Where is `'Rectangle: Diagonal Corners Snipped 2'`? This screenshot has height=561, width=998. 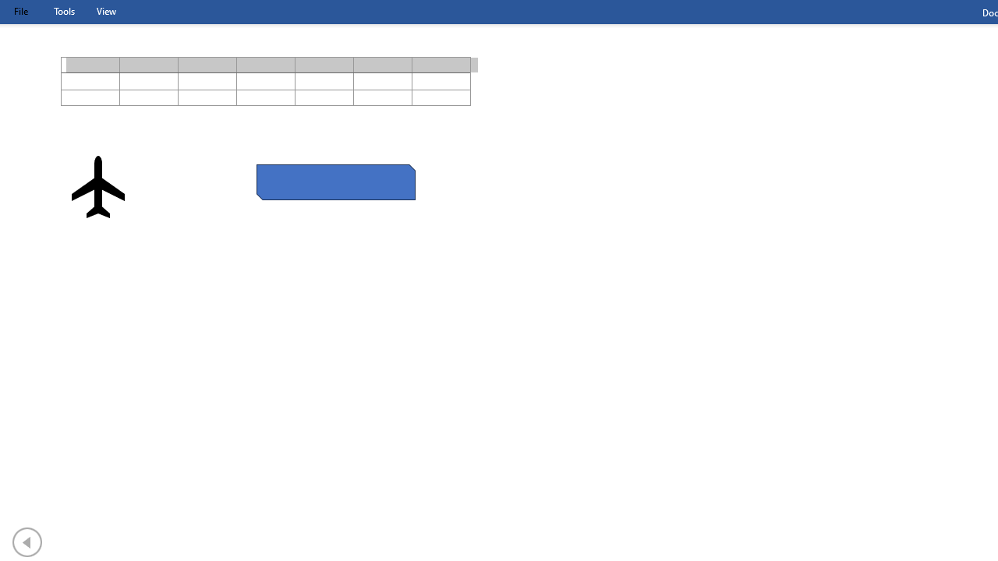
'Rectangle: Diagonal Corners Snipped 2' is located at coordinates (334, 182).